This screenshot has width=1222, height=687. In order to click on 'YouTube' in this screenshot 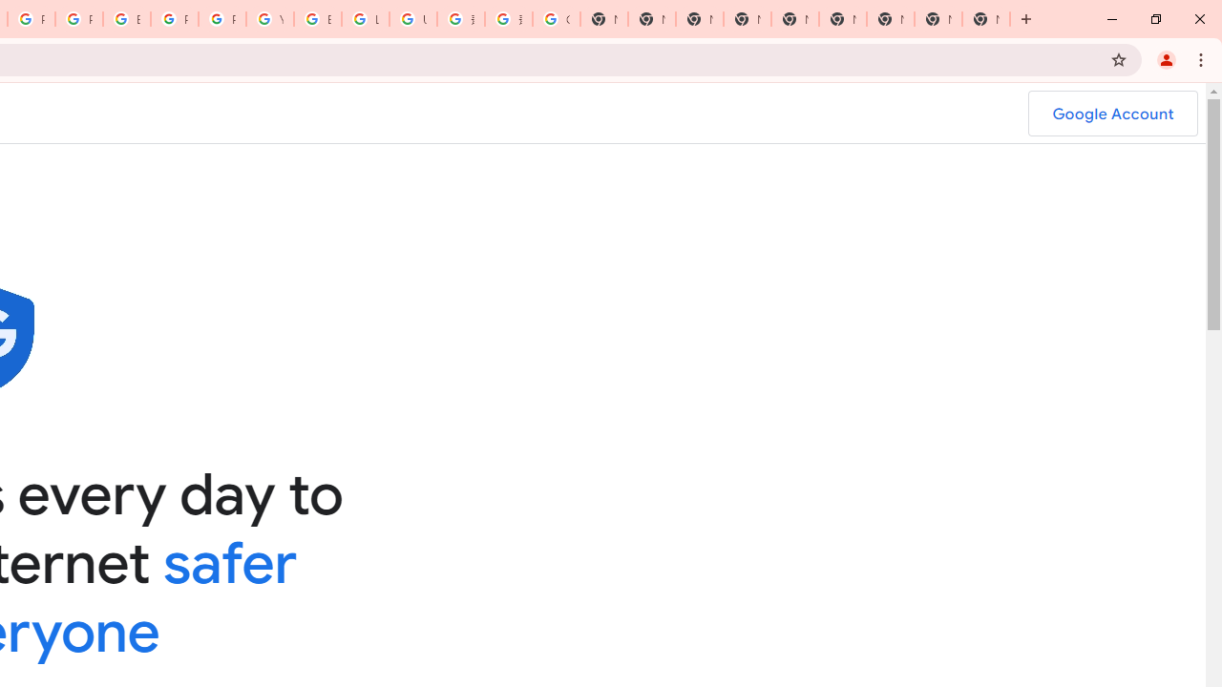, I will do `click(269, 19)`.